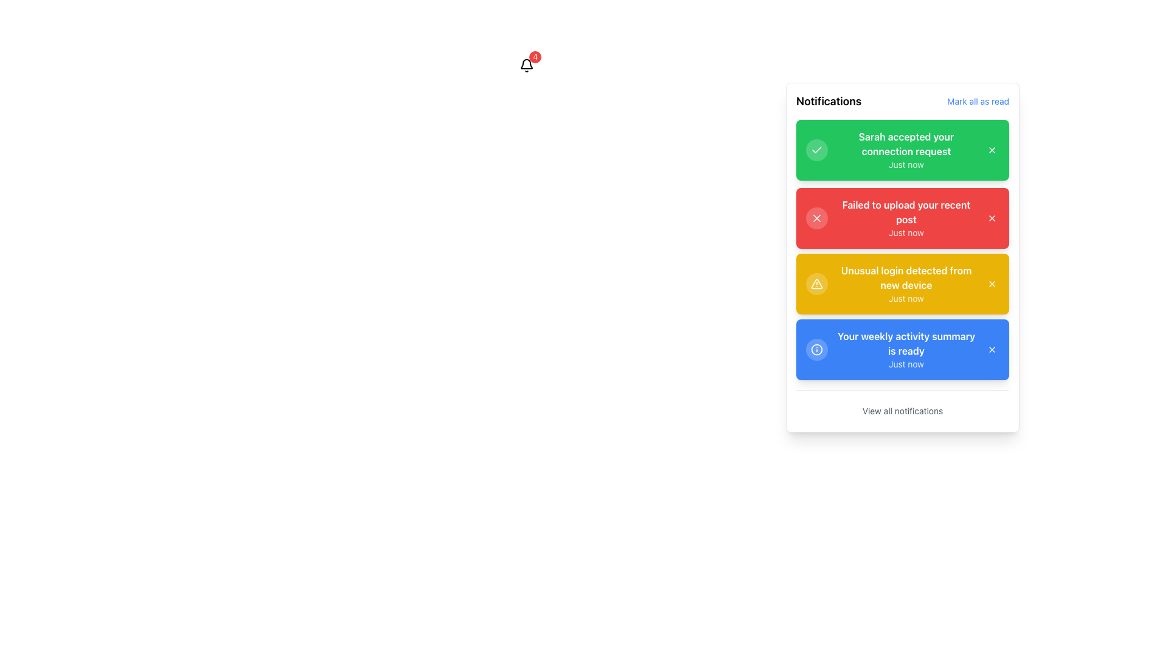 The width and height of the screenshot is (1168, 657). What do you see at coordinates (817, 217) in the screenshot?
I see `the circular red button with a white 'X' icon, located within the left section of the red notification bar that states 'Failed to upload your recent post'` at bounding box center [817, 217].